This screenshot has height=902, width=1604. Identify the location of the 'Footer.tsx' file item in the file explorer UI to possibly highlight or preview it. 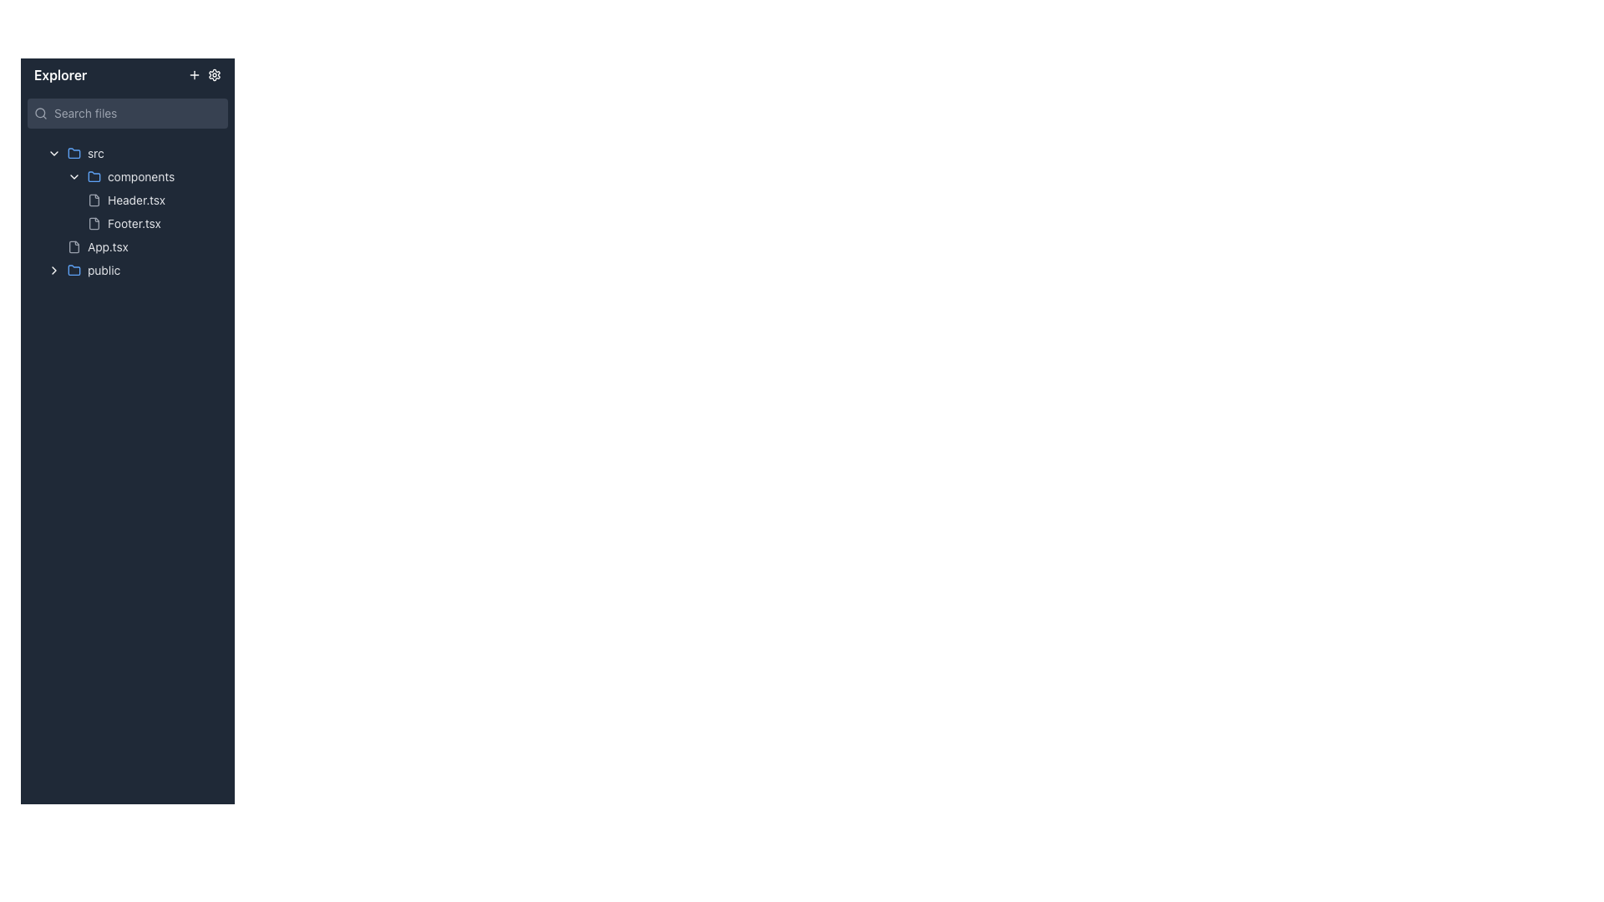
(155, 222).